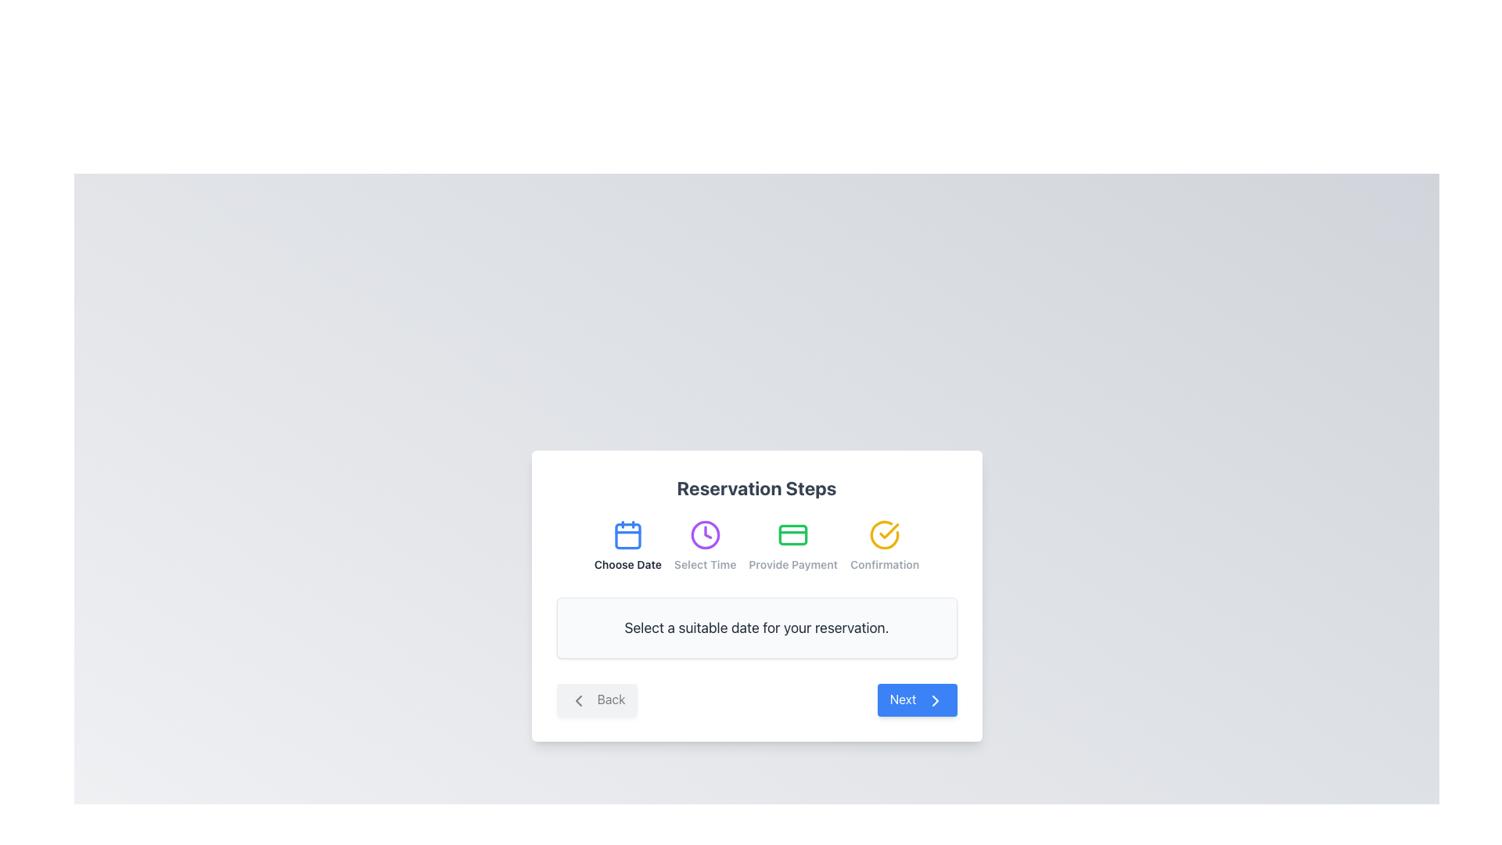  Describe the element at coordinates (627, 534) in the screenshot. I see `the blue outlined calendar icon located above the 'Choose Date' text in the reservation steps section` at that location.